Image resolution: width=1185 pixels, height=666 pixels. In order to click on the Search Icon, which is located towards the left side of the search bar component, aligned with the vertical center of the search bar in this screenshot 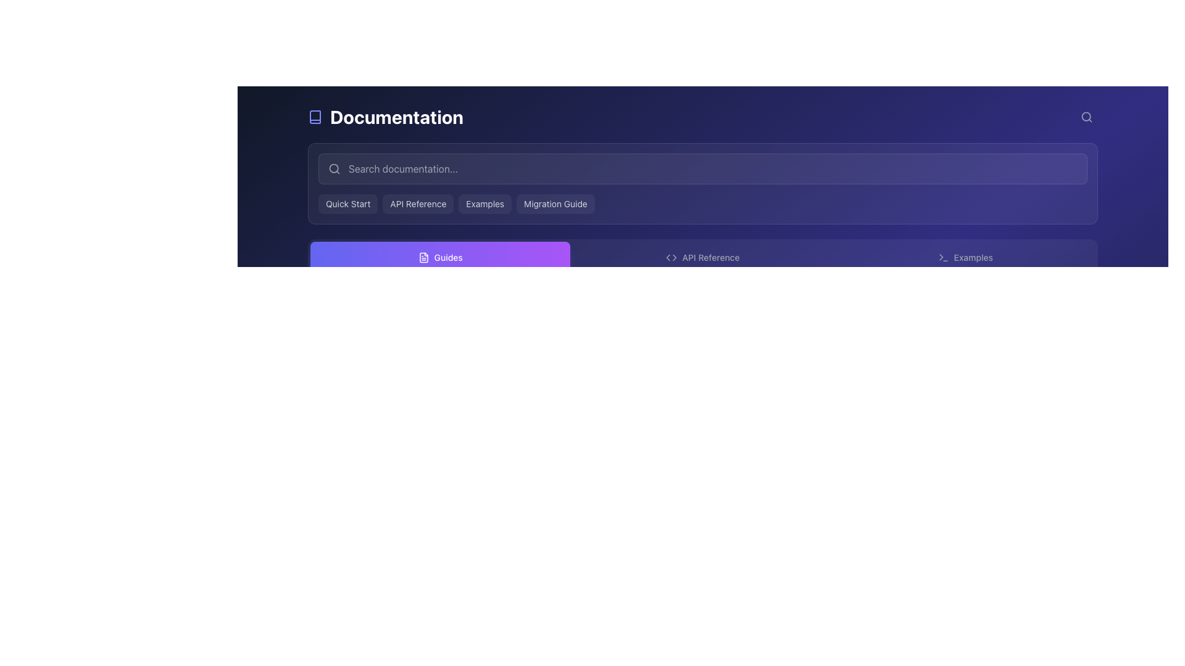, I will do `click(335, 168)`.